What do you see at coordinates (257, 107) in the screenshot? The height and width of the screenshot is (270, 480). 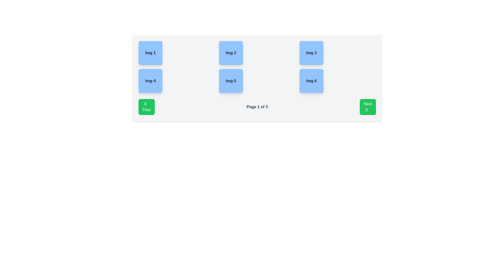 I see `the static text label that indicates the current page number in the pagination system, which is centrally positioned between the 'Prev' and 'Next' buttons` at bounding box center [257, 107].